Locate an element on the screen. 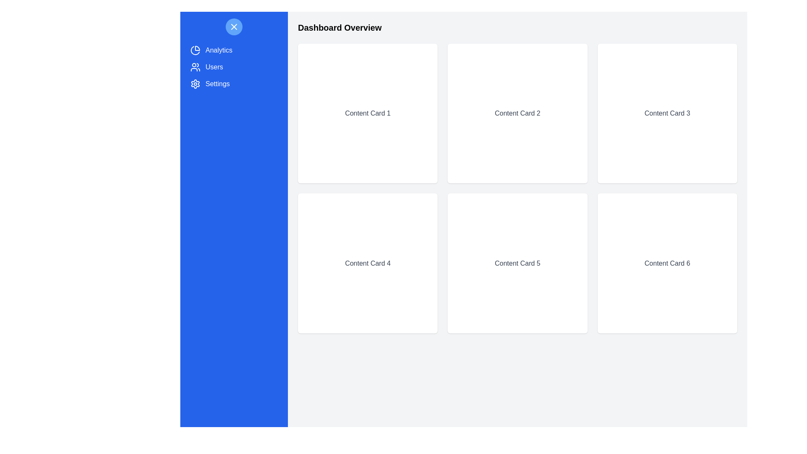 This screenshot has width=807, height=454. the navigation drawer item labeled 'Users' to observe its hover effect is located at coordinates (234, 66).